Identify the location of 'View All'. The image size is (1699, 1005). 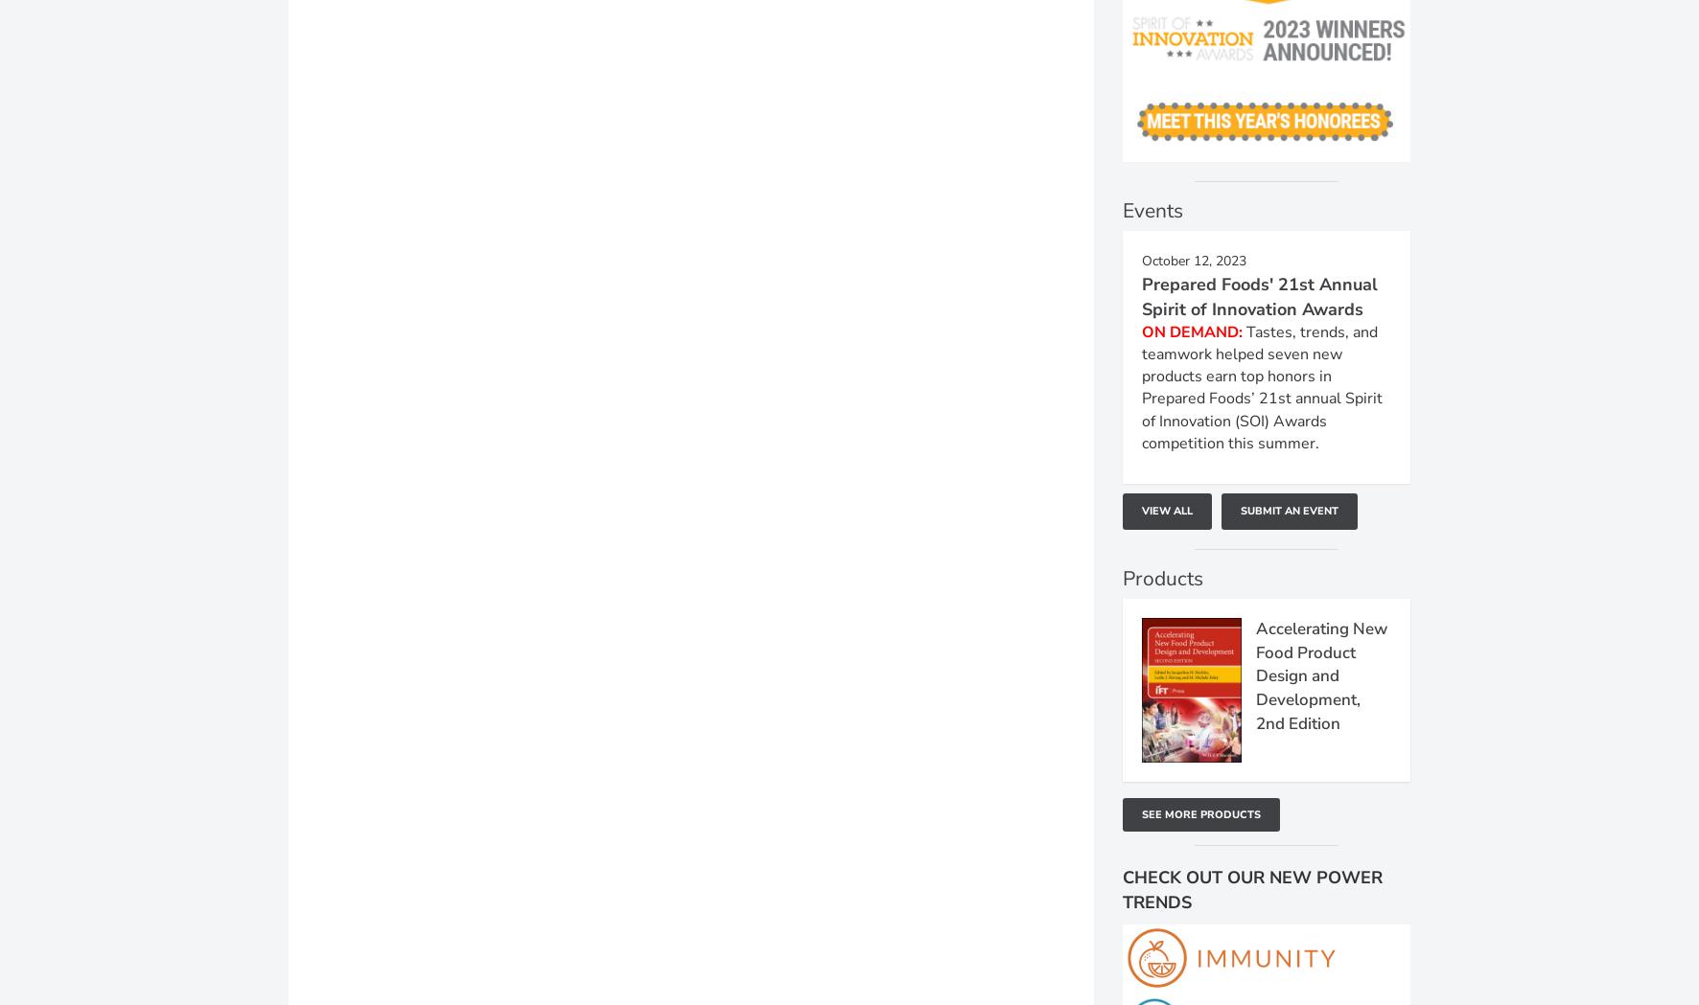
(1166, 511).